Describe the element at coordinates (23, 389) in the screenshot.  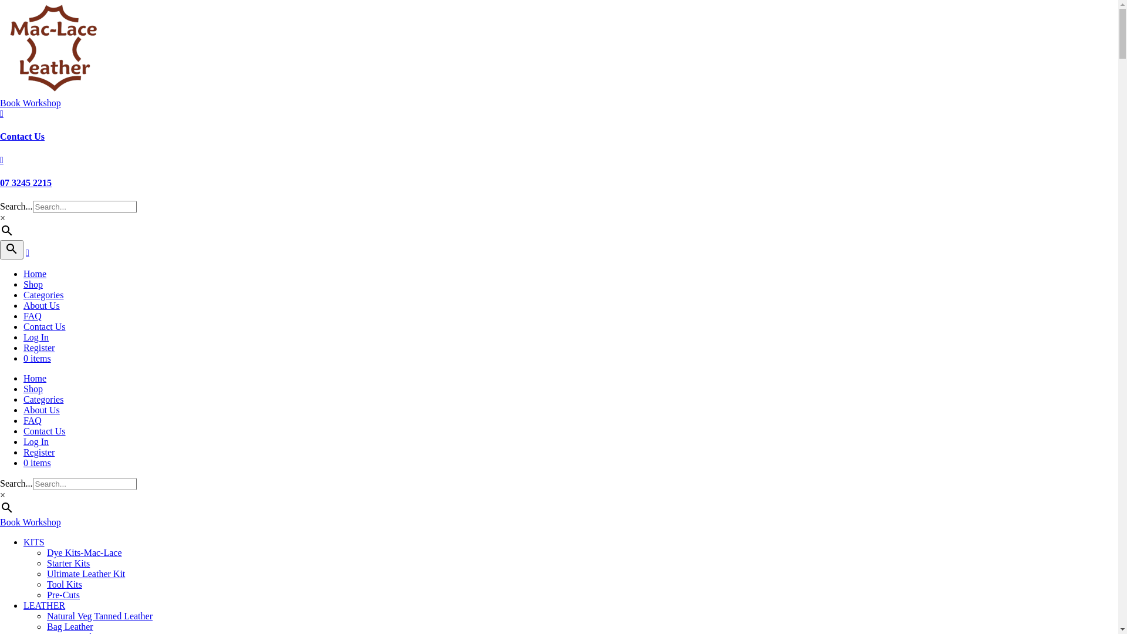
I see `'Shop'` at that location.